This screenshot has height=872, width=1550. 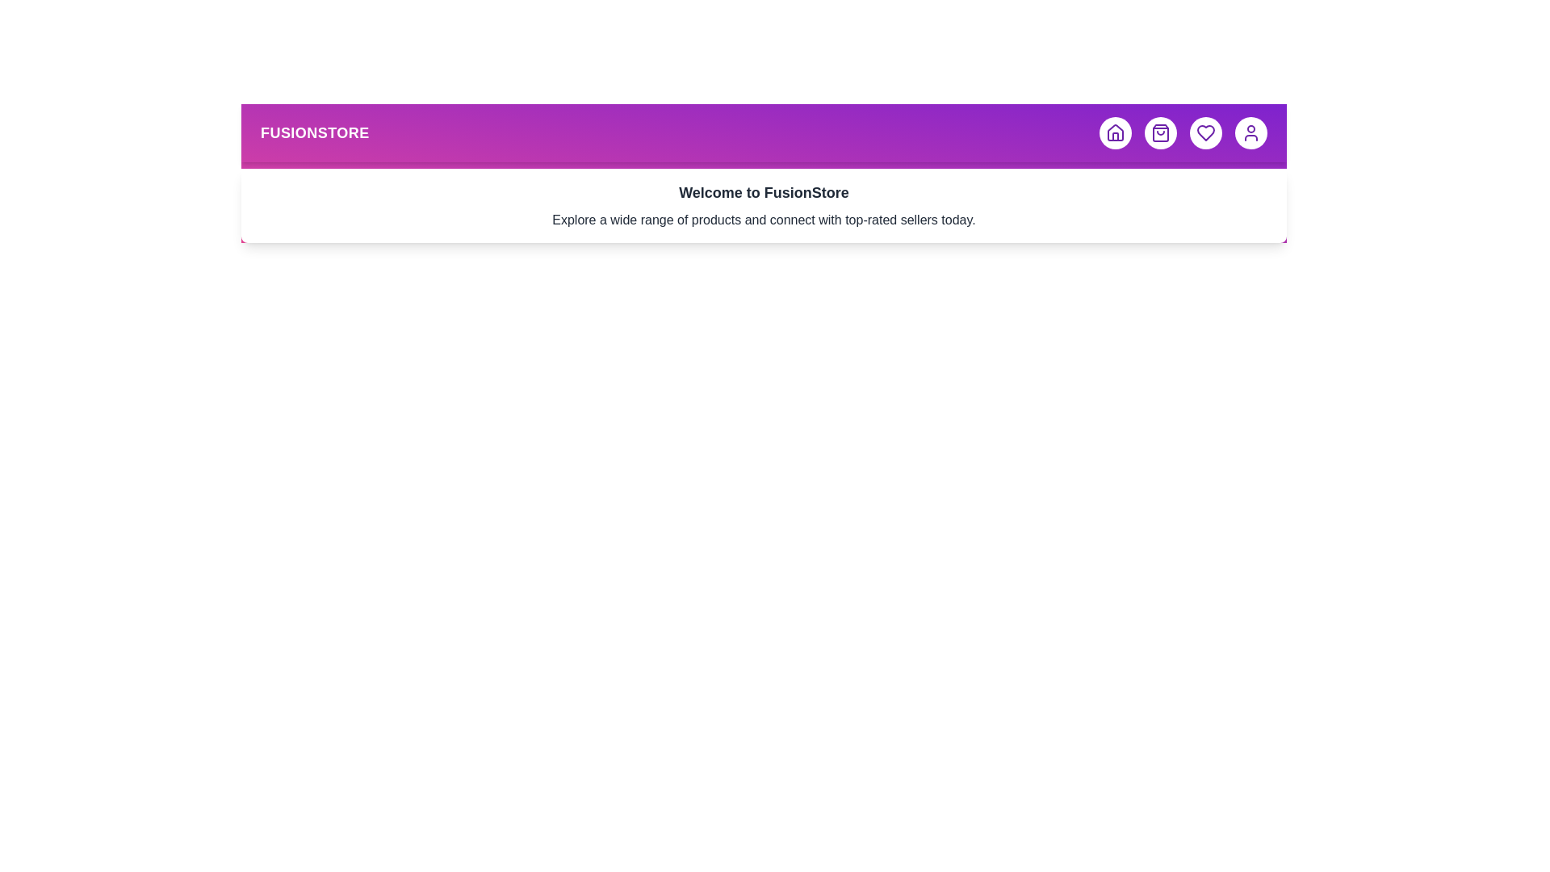 What do you see at coordinates (1160, 132) in the screenshot?
I see `the shopping_bag icon to navigate to the respective section` at bounding box center [1160, 132].